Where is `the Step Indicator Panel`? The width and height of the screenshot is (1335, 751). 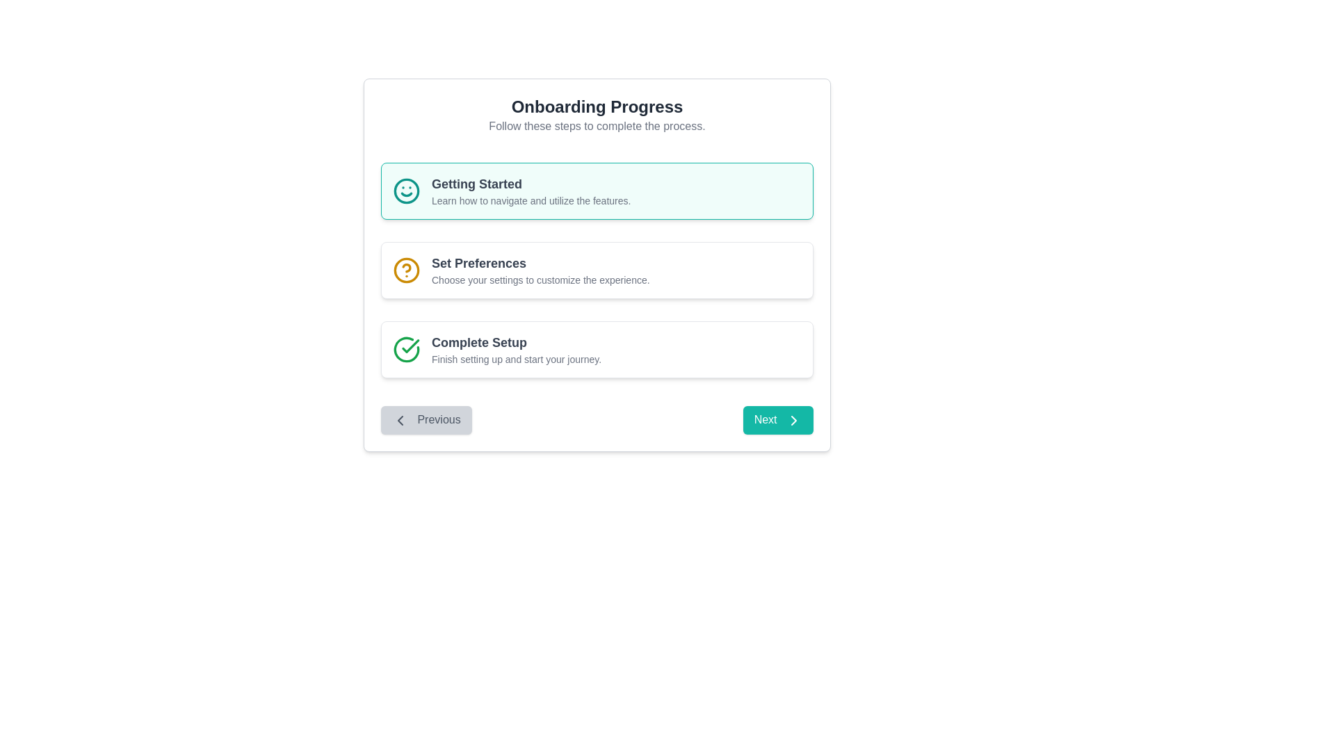 the Step Indicator Panel is located at coordinates (597, 270).